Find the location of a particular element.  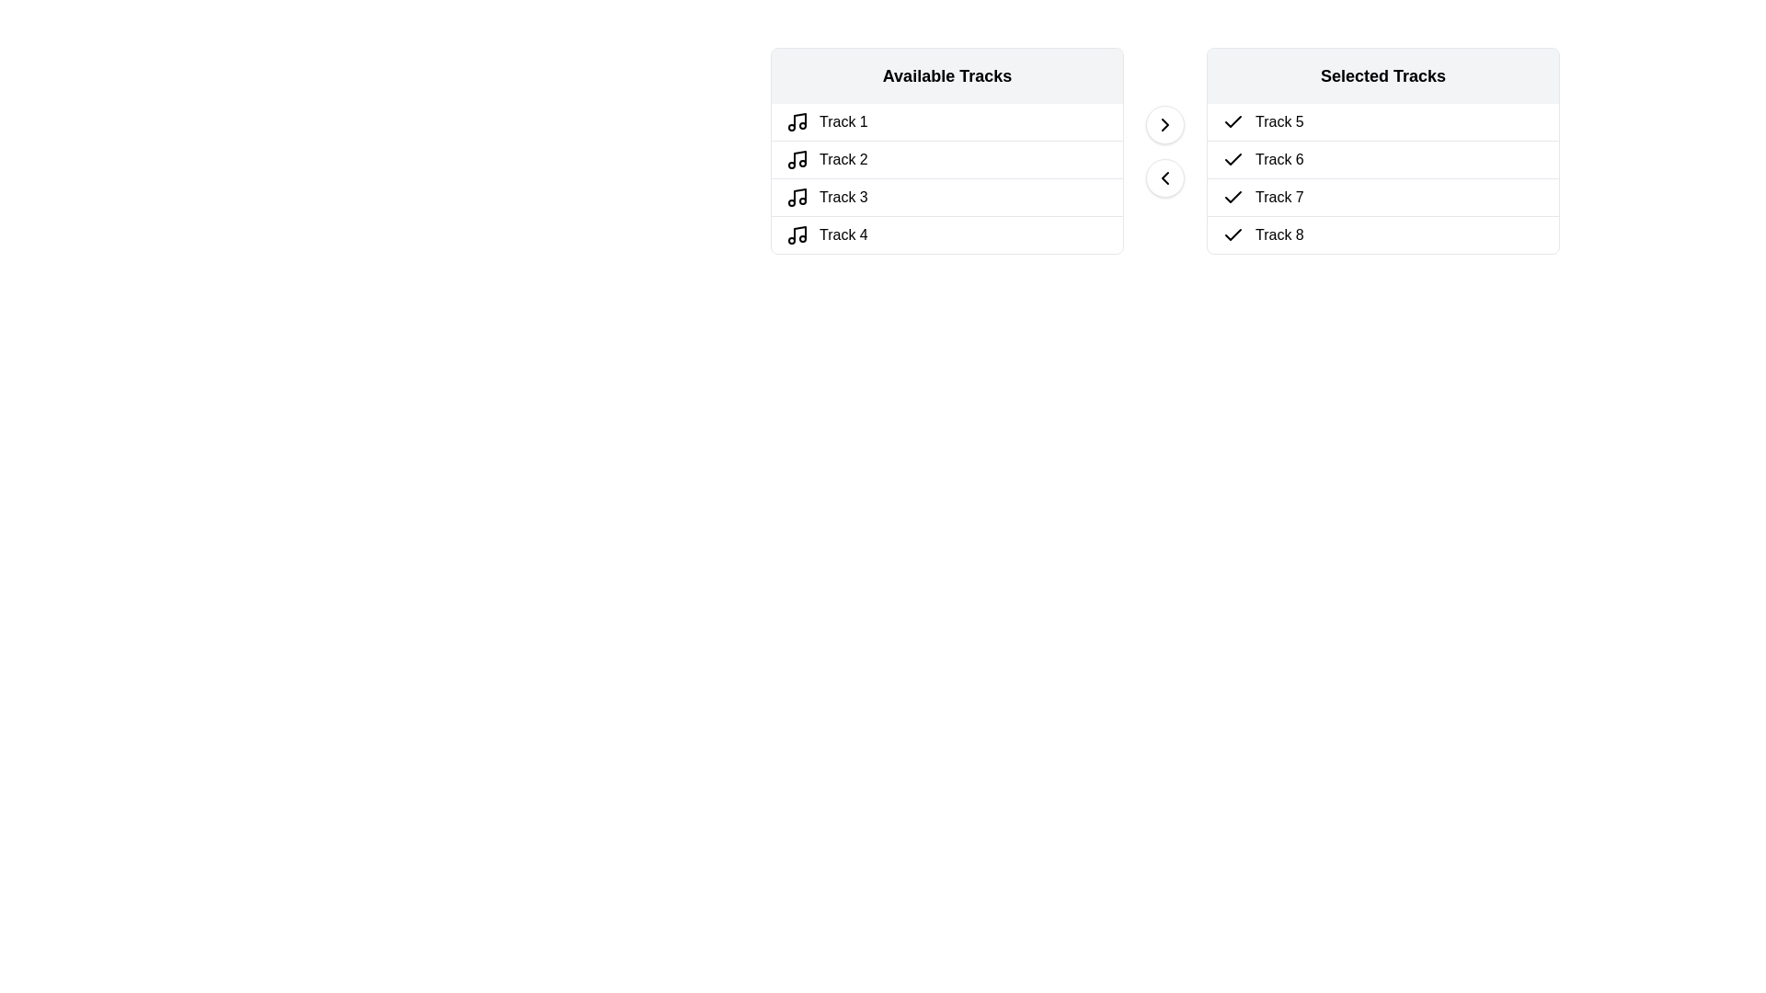

the check mark icon in the 'Selected Tracks' column associated with 'Track 7', which is the third item in the list is located at coordinates (1233, 198).